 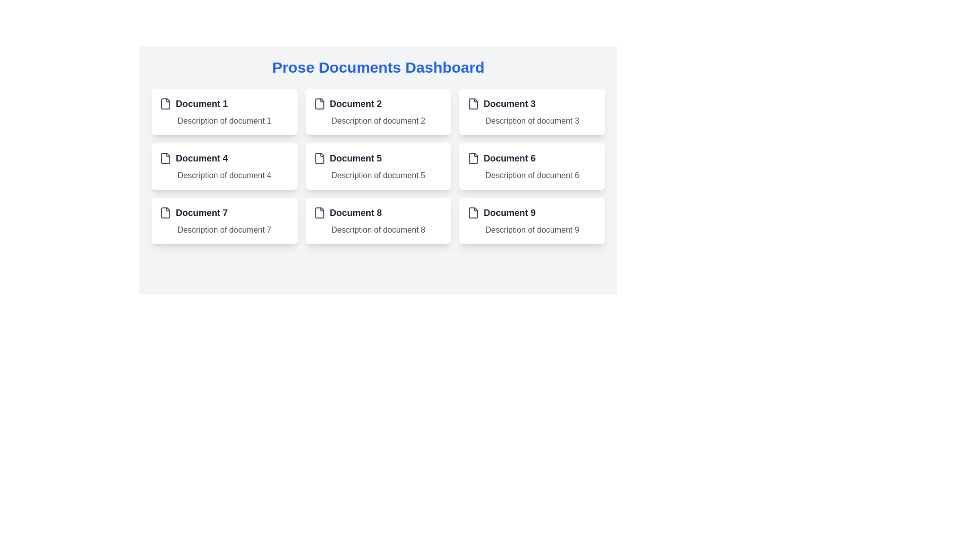 What do you see at coordinates (531, 158) in the screenshot?
I see `the label 'Document 6'` at bounding box center [531, 158].